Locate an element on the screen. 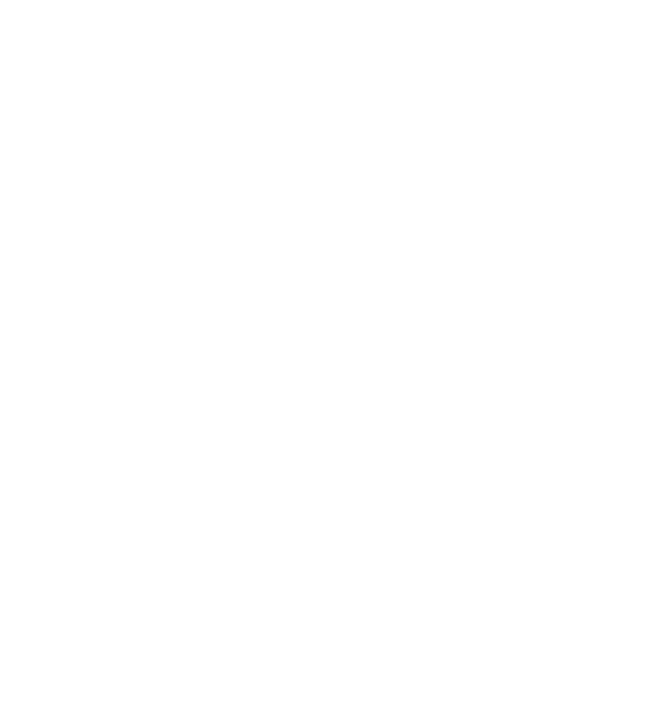 The height and width of the screenshot is (726, 649). 'Audeze Maxwell Now Compatible with Dolby Atmos Renderer' is located at coordinates (276, 548).